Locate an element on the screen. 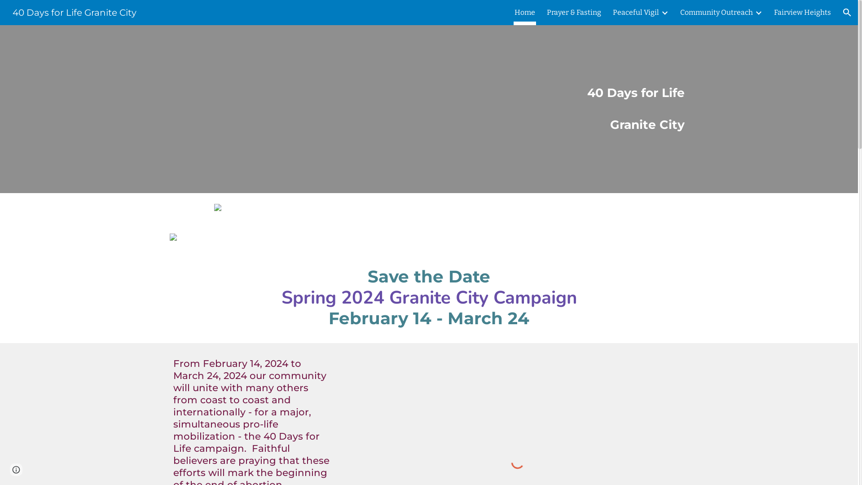 The image size is (862, 485). 'Community Outreach' is located at coordinates (680, 12).